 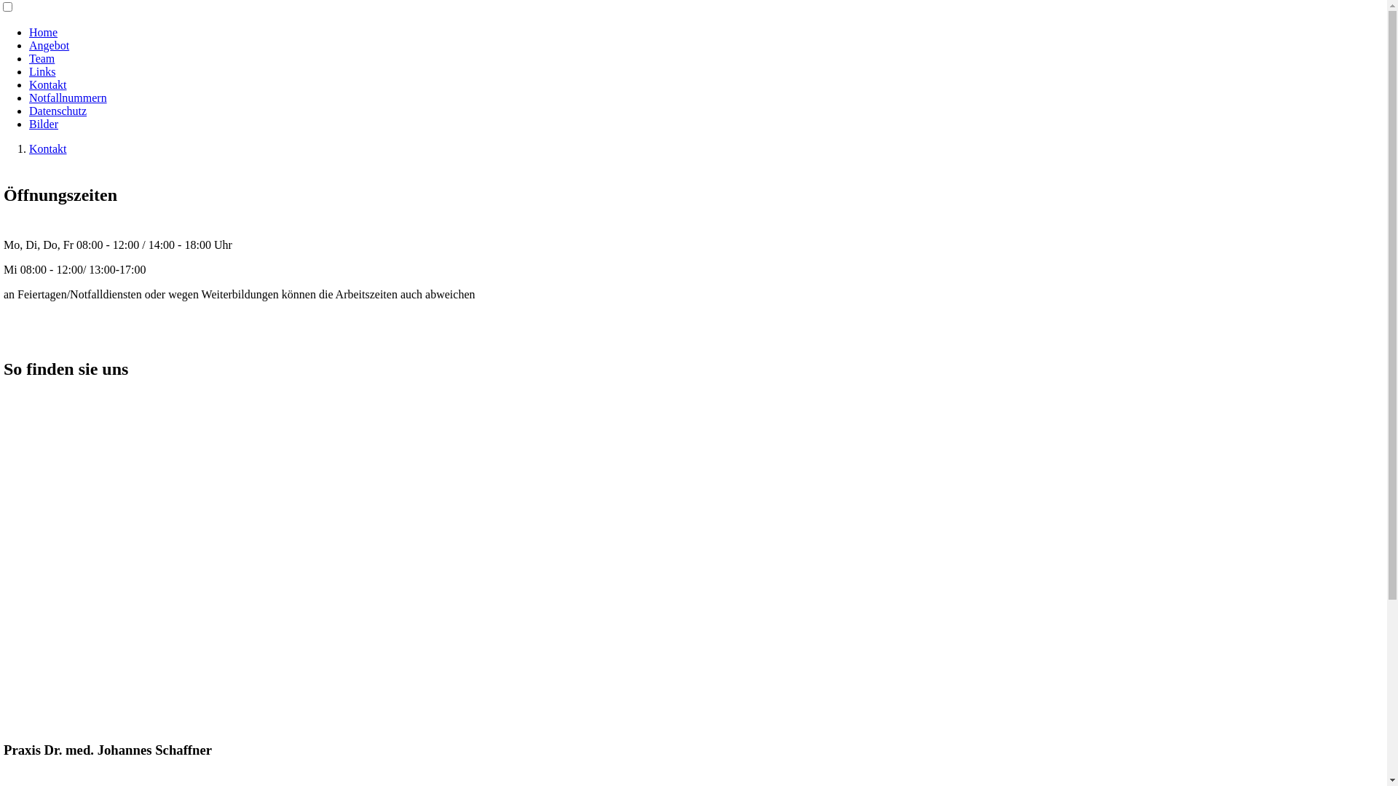 What do you see at coordinates (42, 57) in the screenshot?
I see `'Team'` at bounding box center [42, 57].